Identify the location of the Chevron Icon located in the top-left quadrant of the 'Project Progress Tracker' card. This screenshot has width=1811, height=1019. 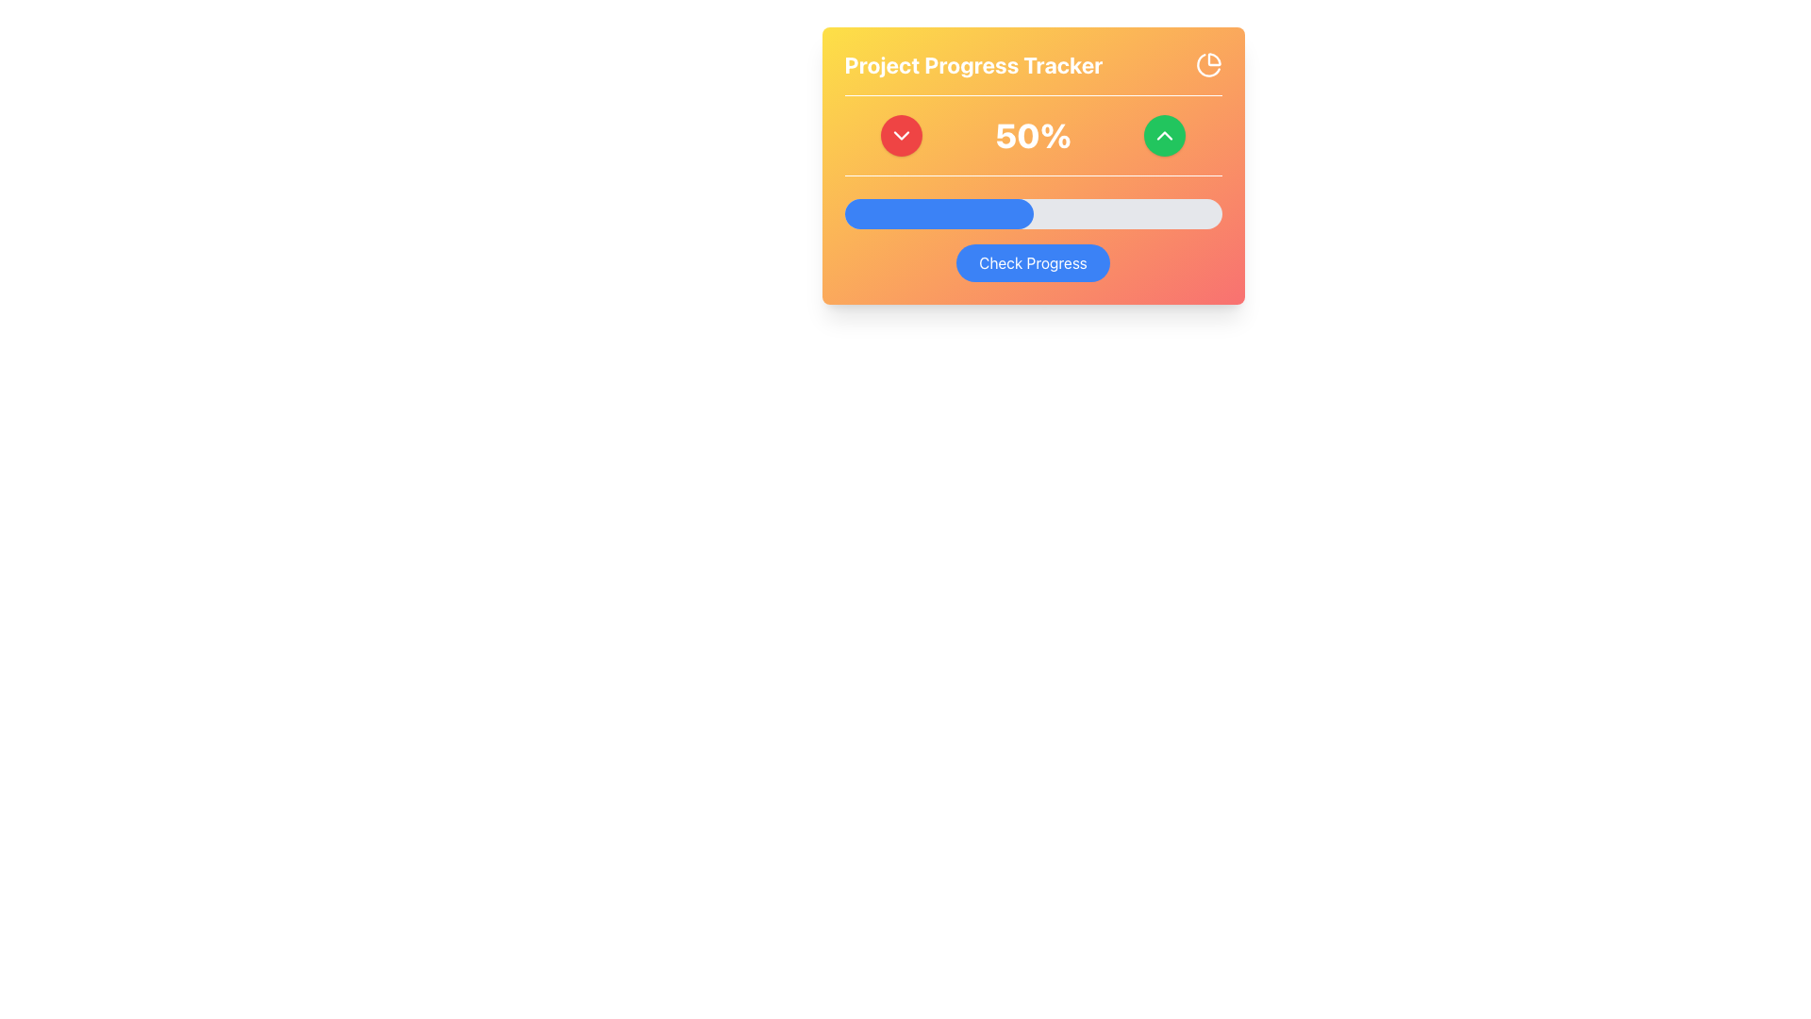
(900, 134).